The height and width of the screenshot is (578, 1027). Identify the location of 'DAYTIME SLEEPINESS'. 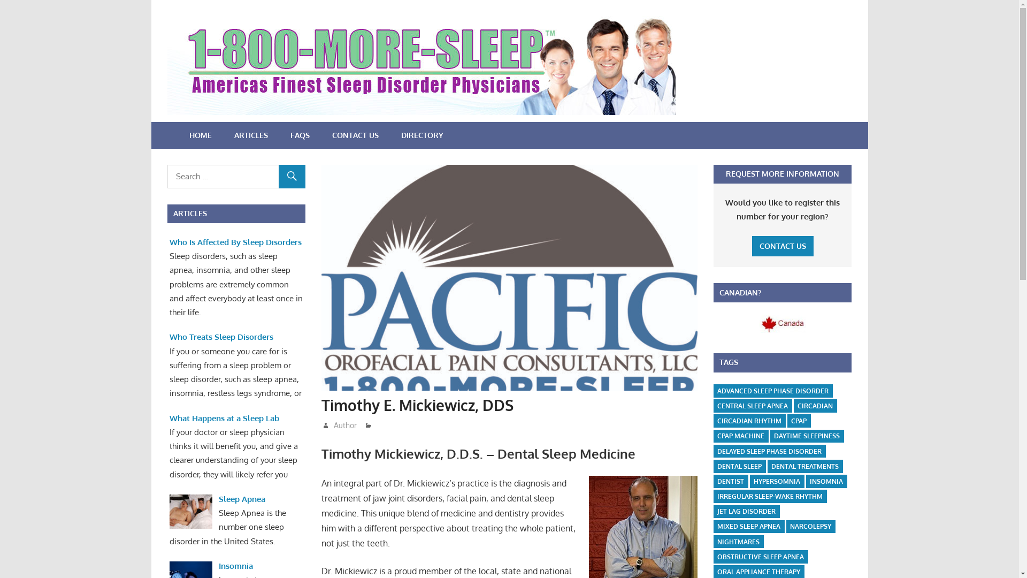
(807, 436).